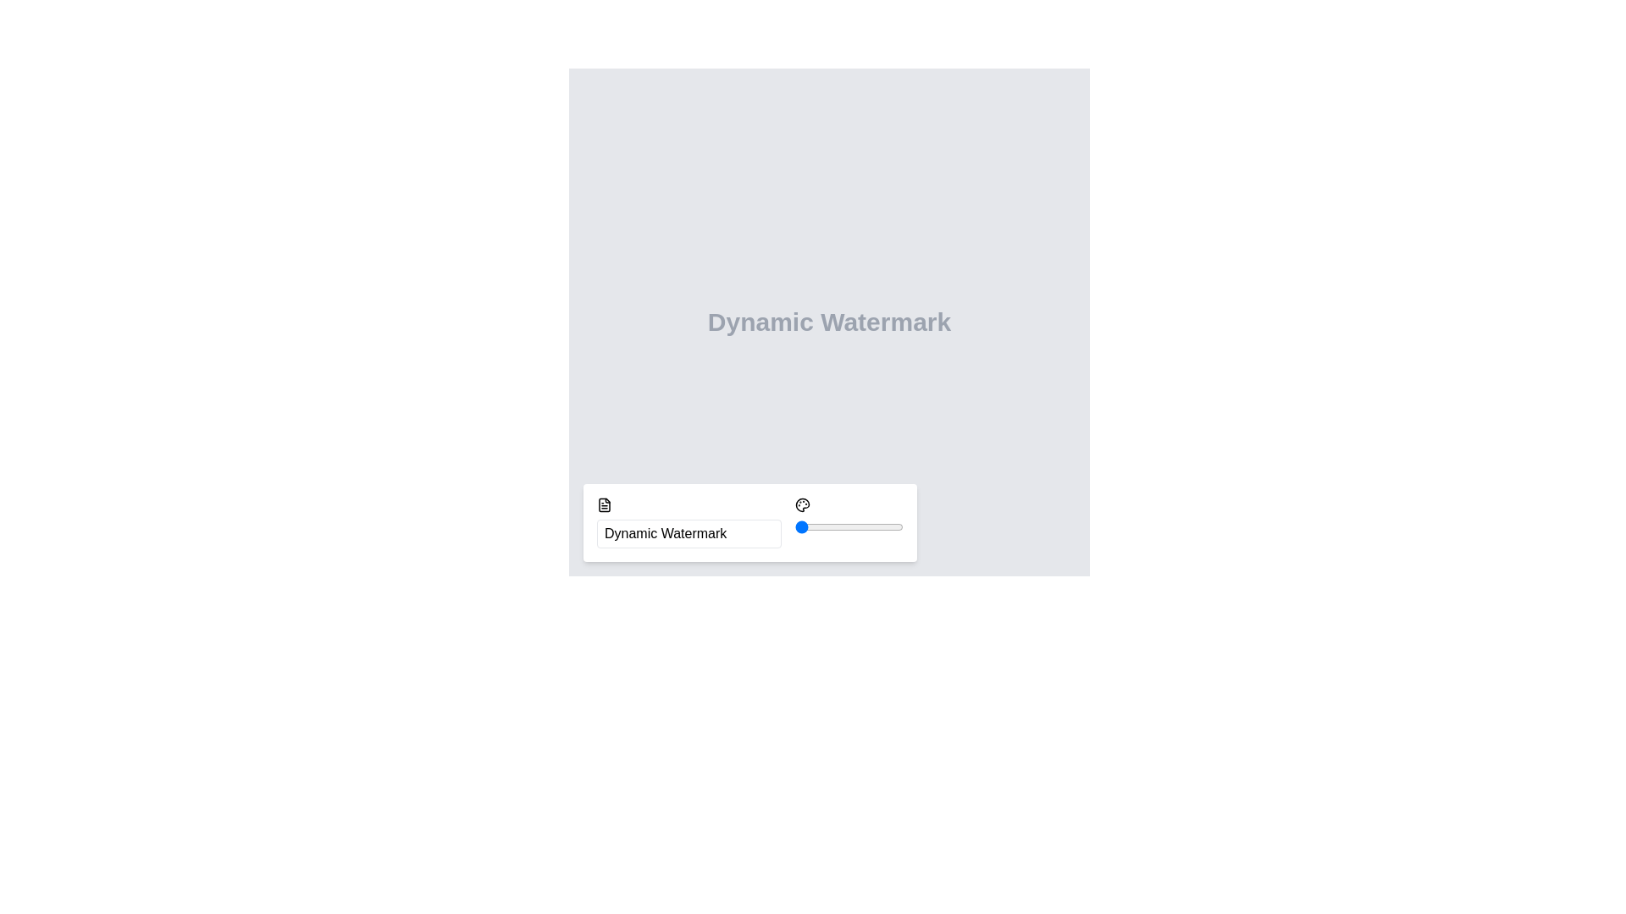 Image resolution: width=1626 pixels, height=914 pixels. I want to click on the painter's palette icon located at the top-right of the interface, so click(802, 504).